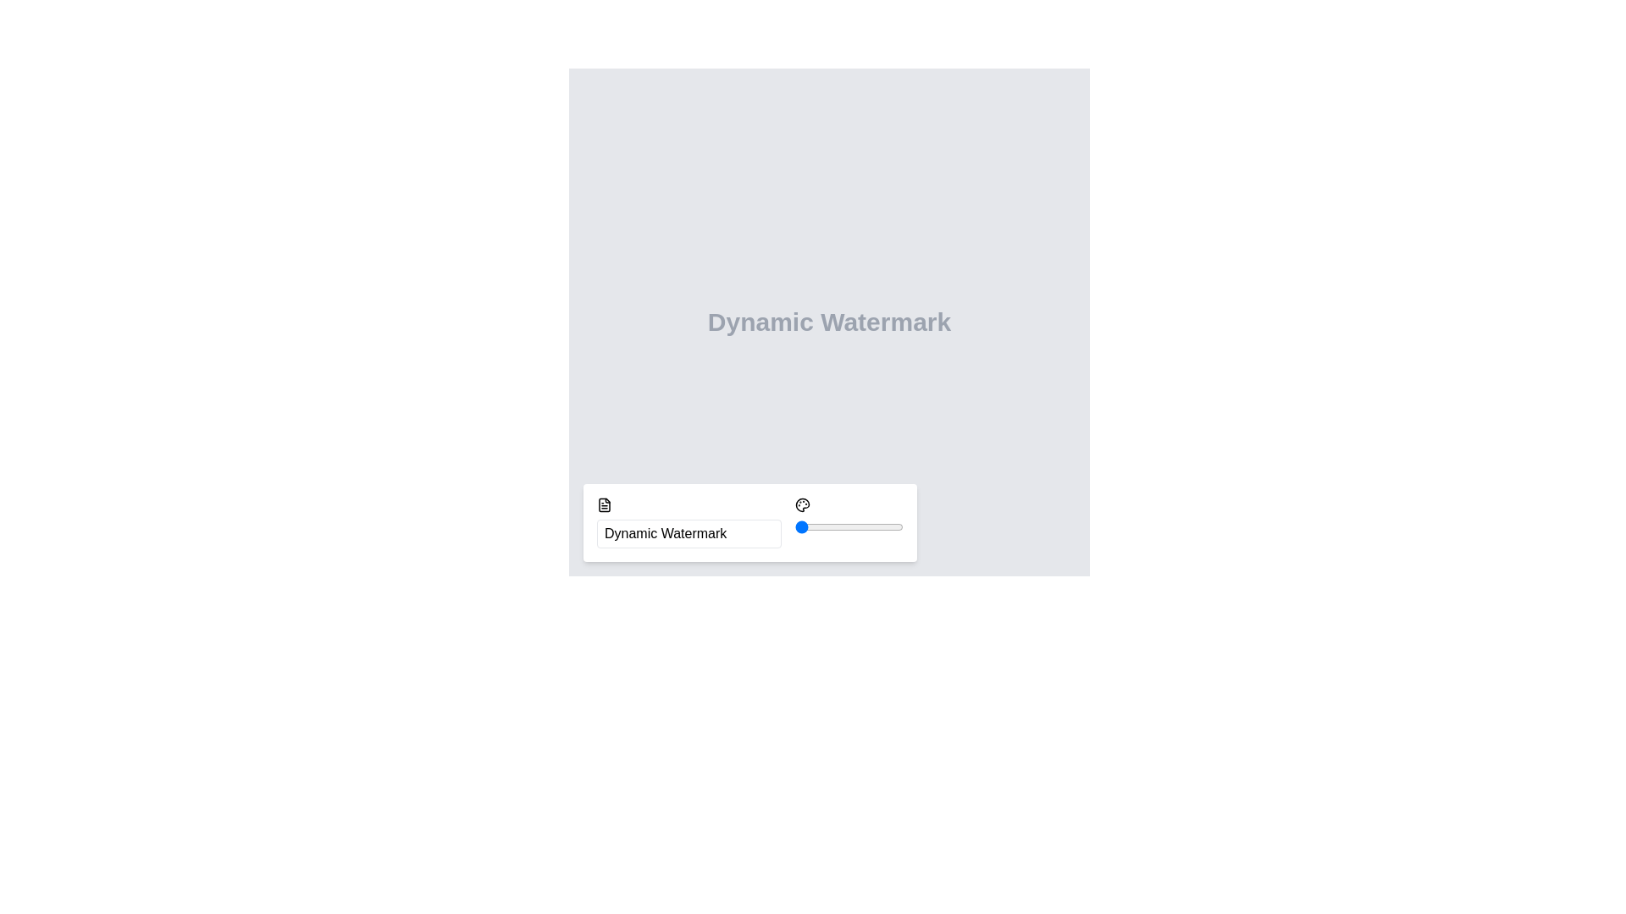 Image resolution: width=1626 pixels, height=914 pixels. I want to click on the painter's palette icon located at the top-right of the interface, so click(802, 504).